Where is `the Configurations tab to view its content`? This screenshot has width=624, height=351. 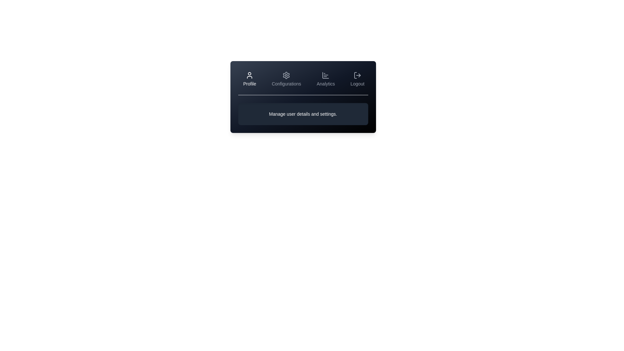 the Configurations tab to view its content is located at coordinates (286, 79).